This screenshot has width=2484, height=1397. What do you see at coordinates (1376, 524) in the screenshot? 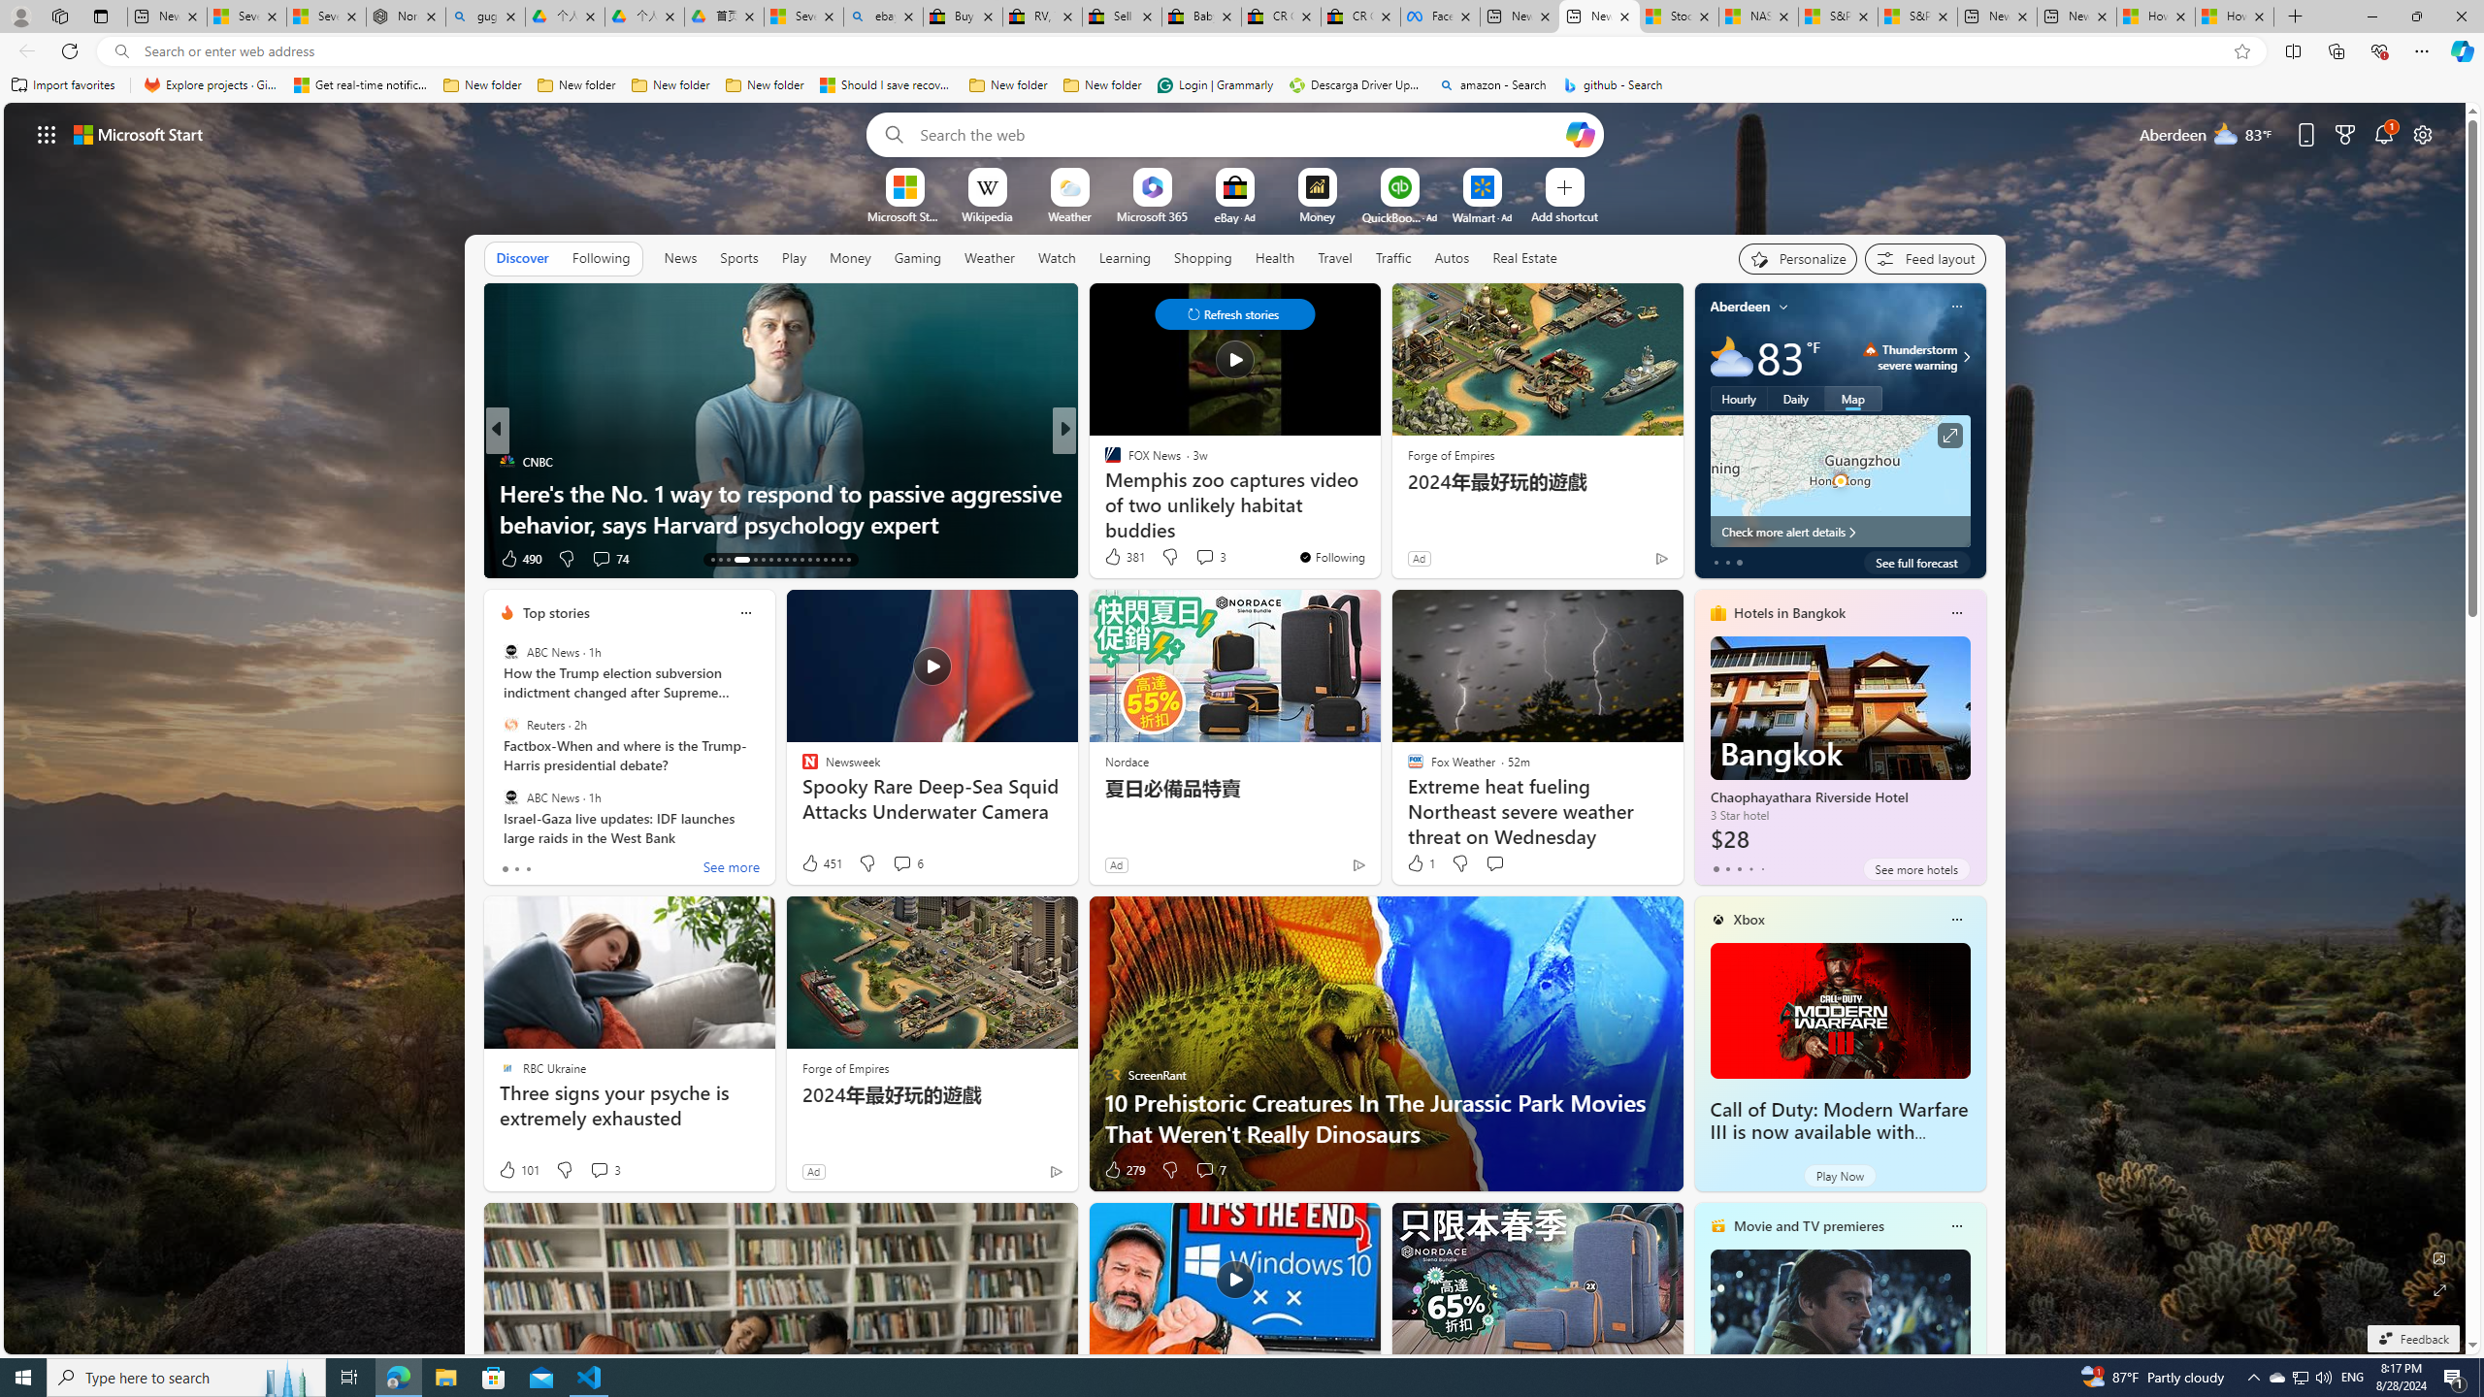
I see `'Tropics waking up in September'` at bounding box center [1376, 524].